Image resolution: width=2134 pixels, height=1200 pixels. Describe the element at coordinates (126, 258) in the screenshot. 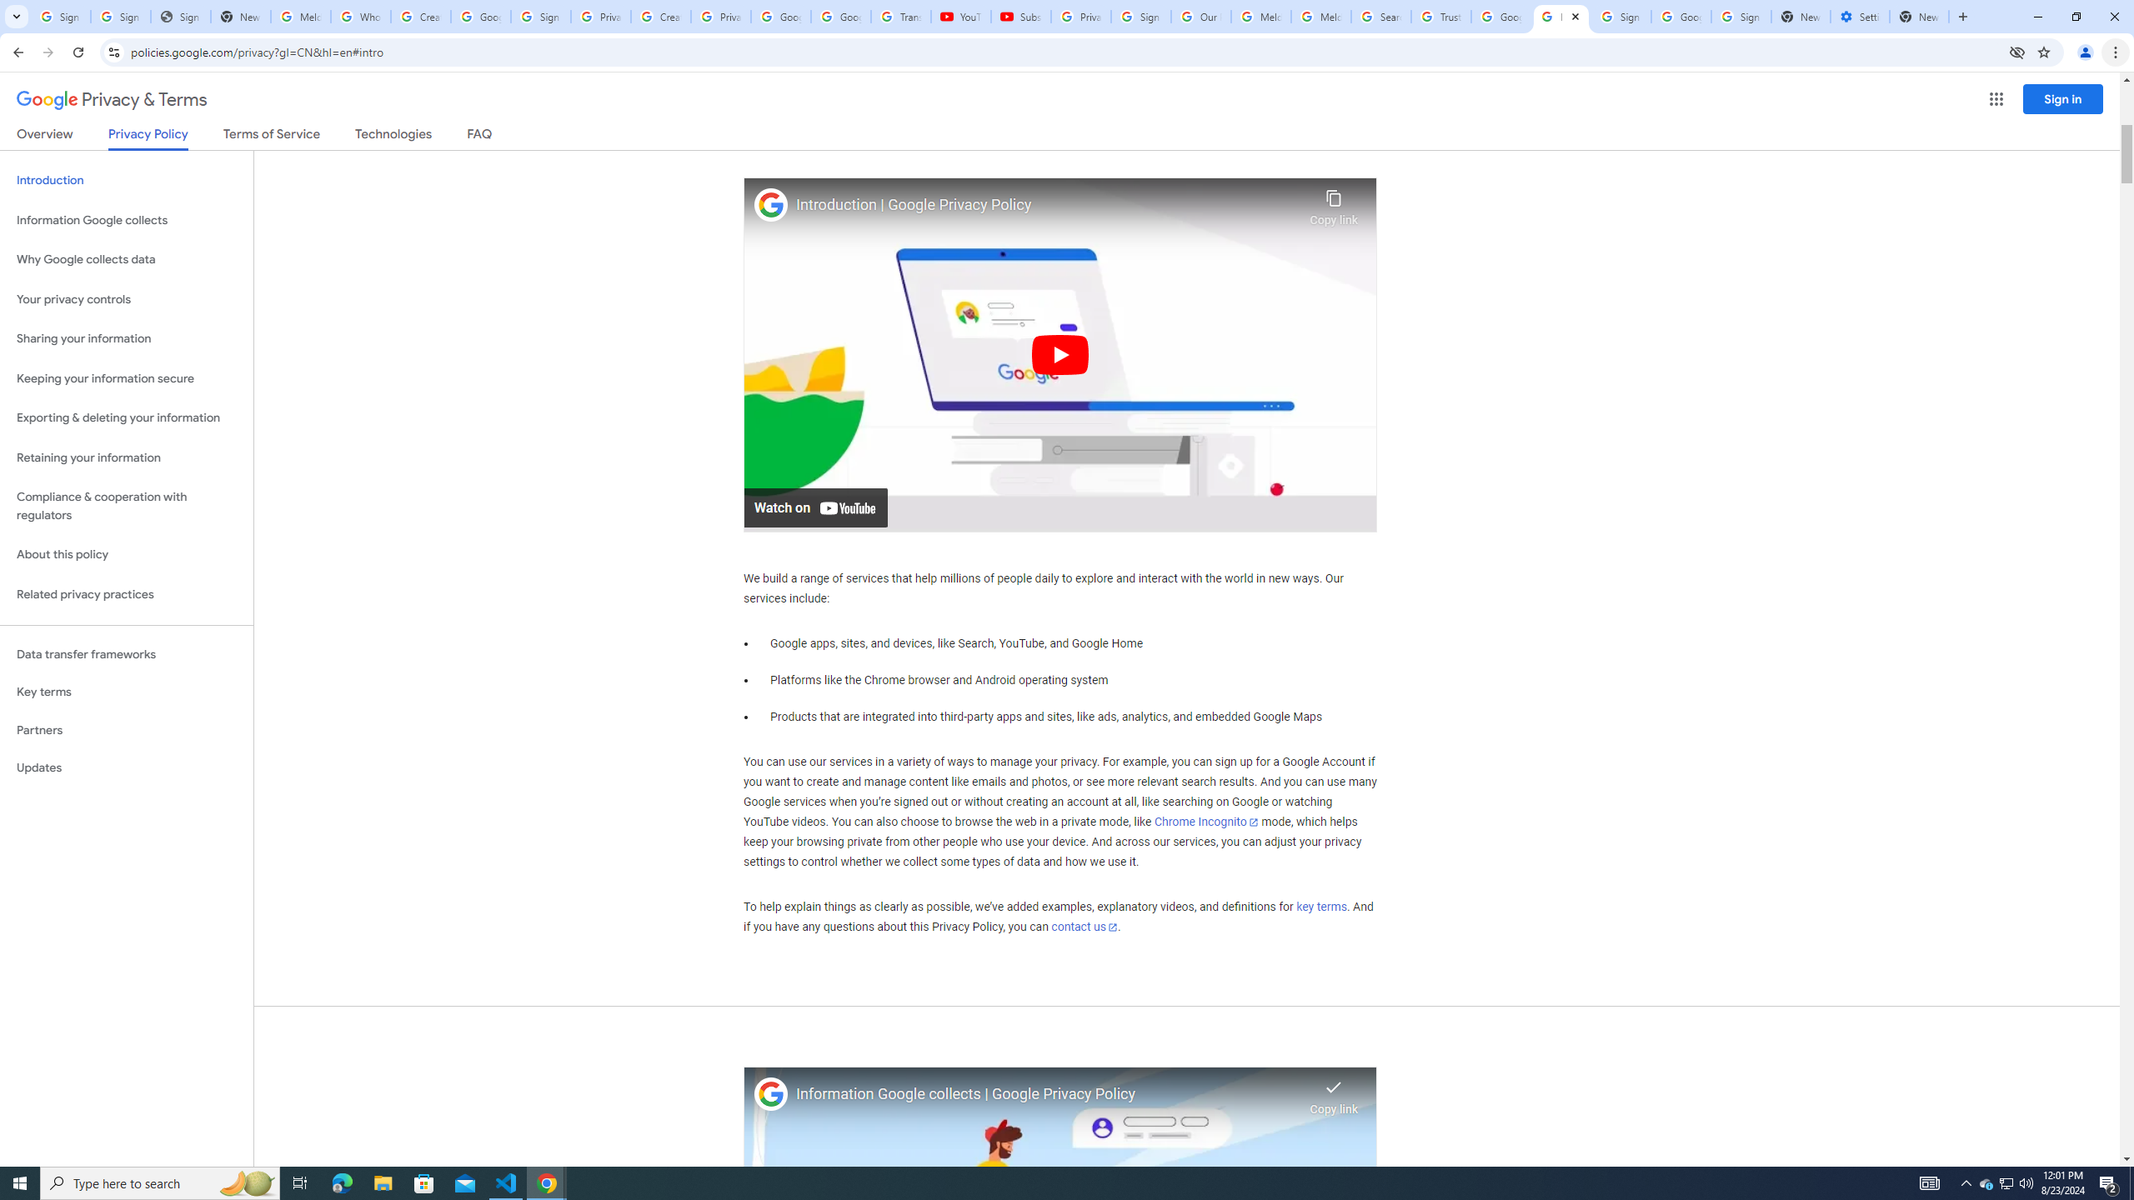

I see `'Why Google collects data'` at that location.